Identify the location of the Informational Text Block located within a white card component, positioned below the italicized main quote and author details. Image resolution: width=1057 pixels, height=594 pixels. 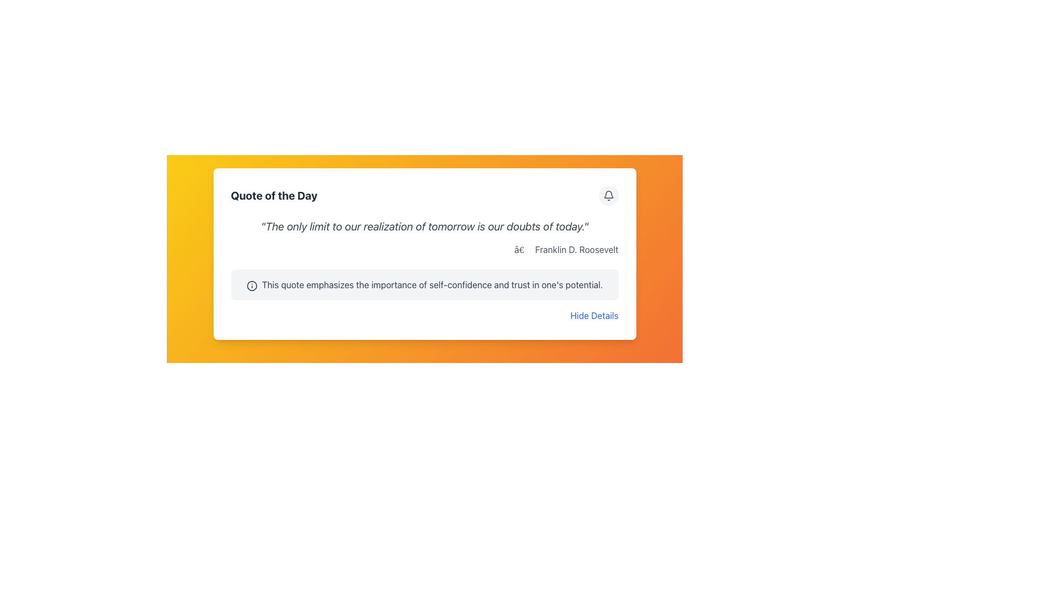
(424, 284).